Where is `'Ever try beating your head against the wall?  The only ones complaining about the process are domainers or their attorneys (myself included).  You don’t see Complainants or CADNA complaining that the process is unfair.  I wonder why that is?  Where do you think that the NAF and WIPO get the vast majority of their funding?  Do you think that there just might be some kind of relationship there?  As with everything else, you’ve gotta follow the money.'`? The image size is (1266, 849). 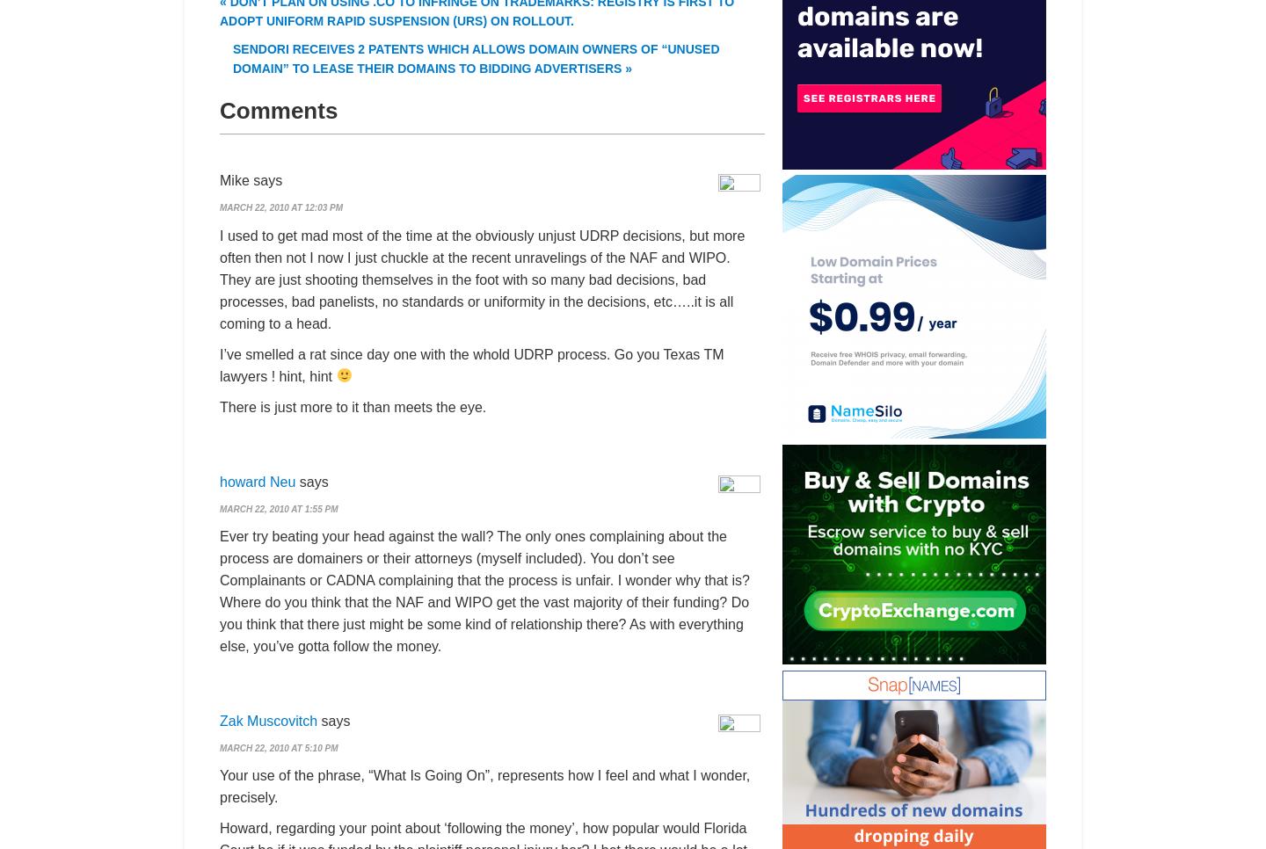 'Ever try beating your head against the wall?  The only ones complaining about the process are domainers or their attorneys (myself included).  You don’t see Complainants or CADNA complaining that the process is unfair.  I wonder why that is?  Where do you think that the NAF and WIPO get the vast majority of their funding?  Do you think that there just might be some kind of relationship there?  As with everything else, you’ve gotta follow the money.' is located at coordinates (484, 591).